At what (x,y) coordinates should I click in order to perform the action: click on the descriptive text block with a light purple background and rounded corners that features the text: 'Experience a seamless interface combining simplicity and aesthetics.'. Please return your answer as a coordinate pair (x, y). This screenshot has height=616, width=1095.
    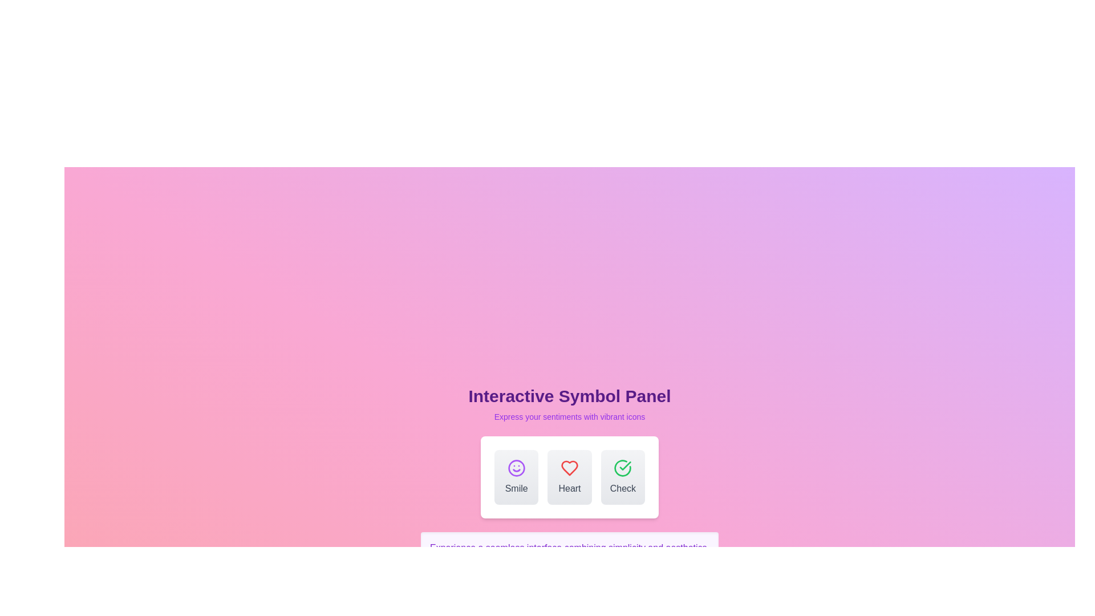
    Looking at the image, I should click on (569, 547).